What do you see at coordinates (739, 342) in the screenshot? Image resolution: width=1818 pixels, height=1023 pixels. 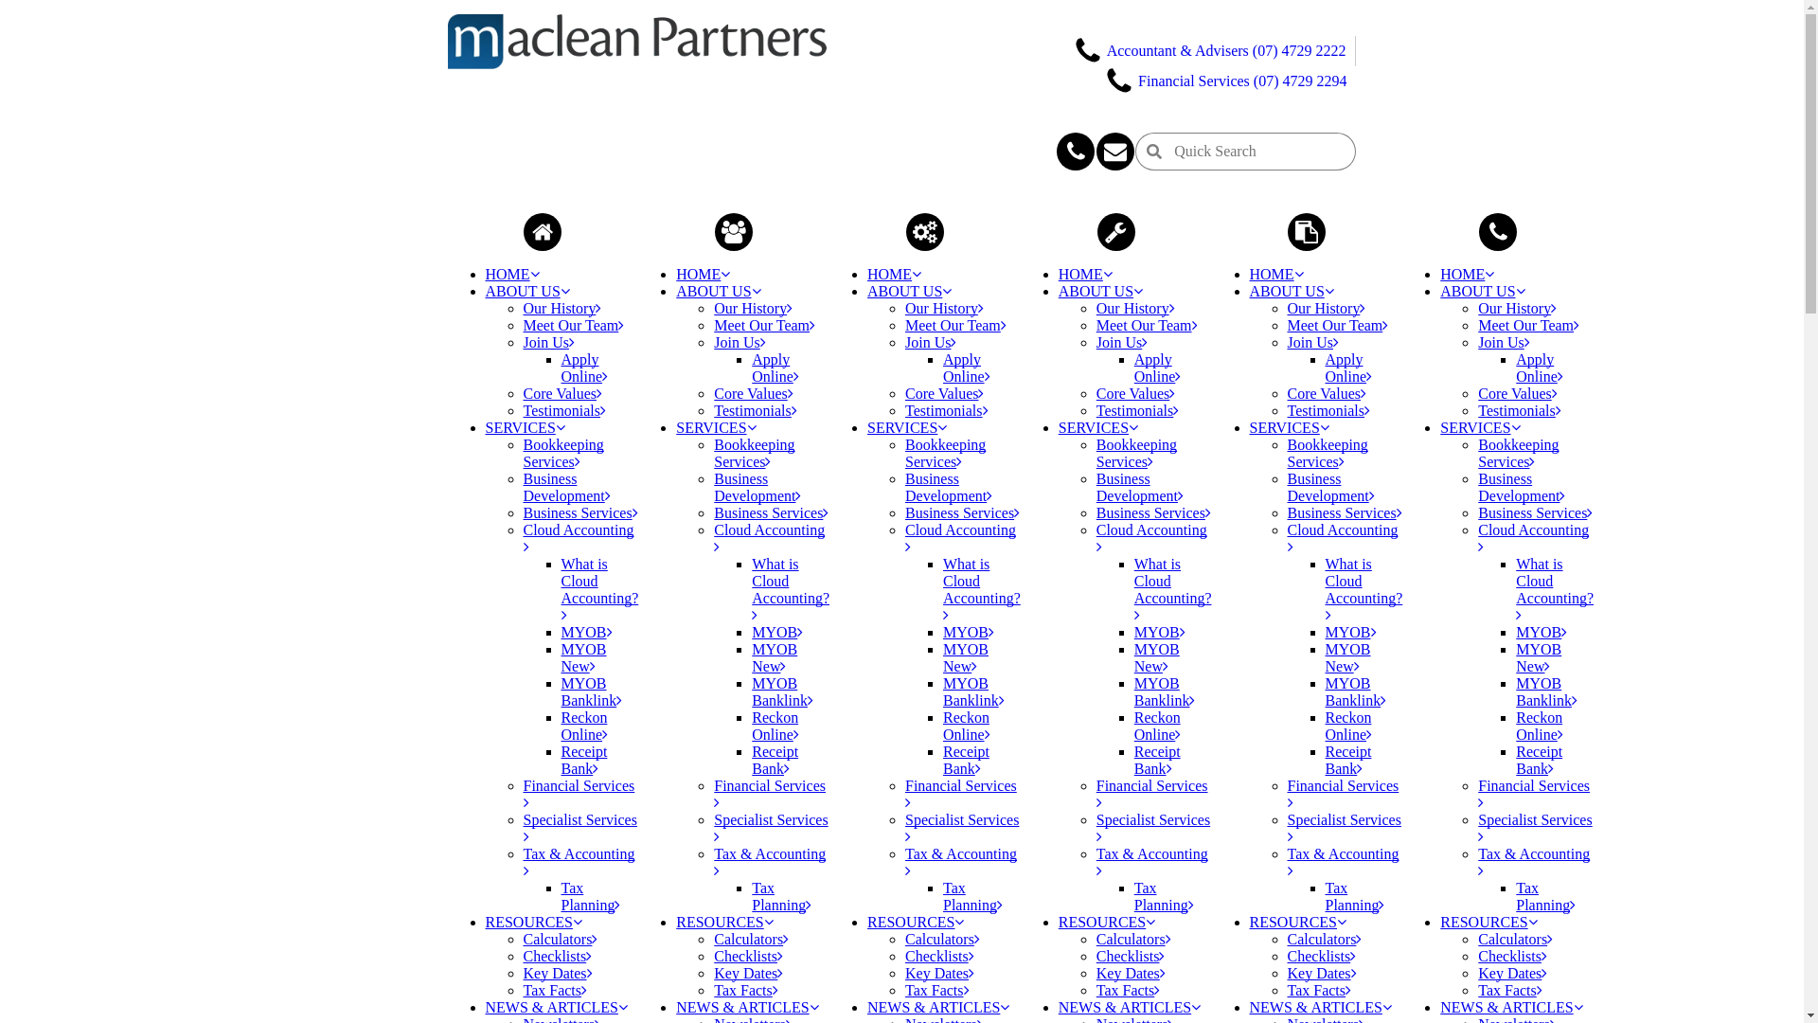 I see `'Join Us'` at bounding box center [739, 342].